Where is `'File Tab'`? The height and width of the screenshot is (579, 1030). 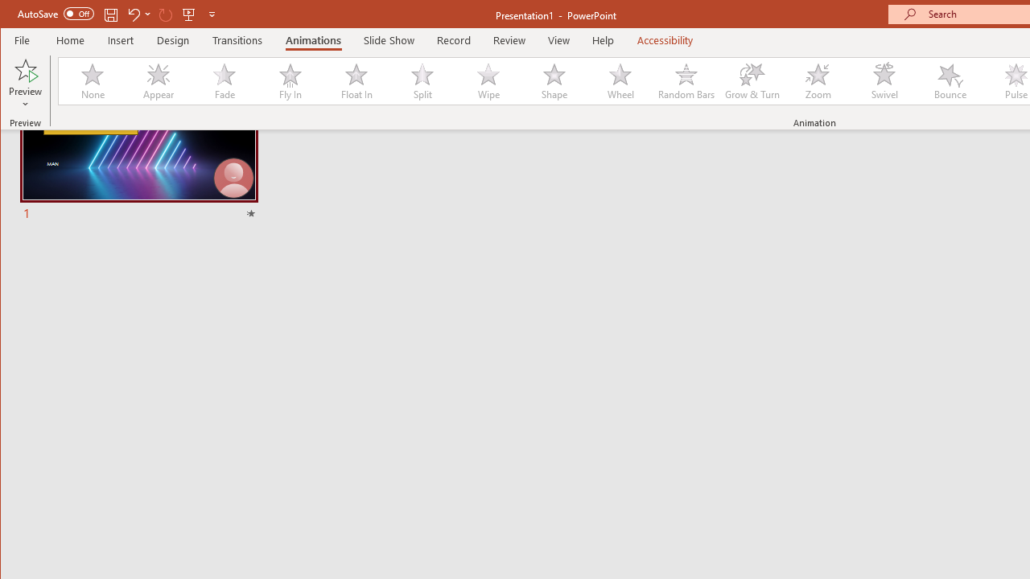
'File Tab' is located at coordinates (23, 39).